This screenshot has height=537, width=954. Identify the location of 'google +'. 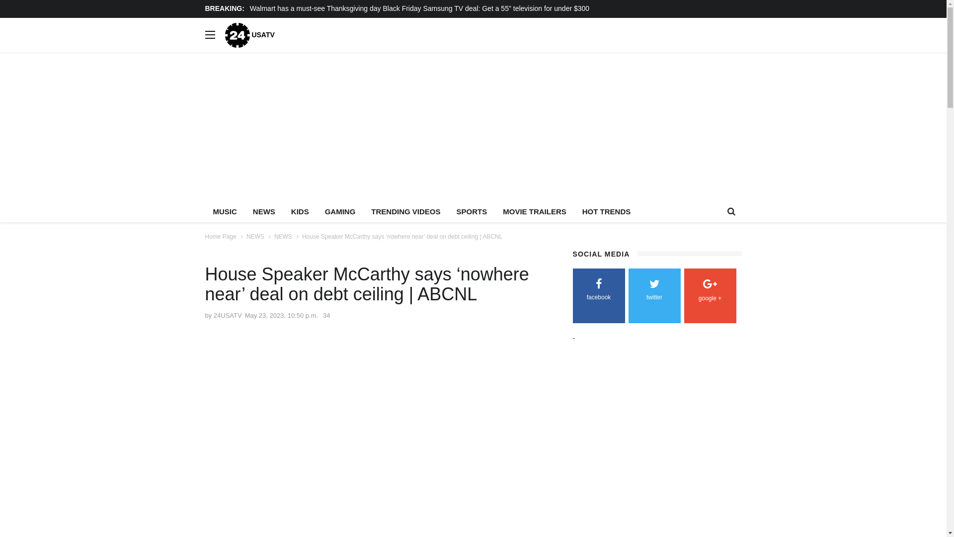
(709, 291).